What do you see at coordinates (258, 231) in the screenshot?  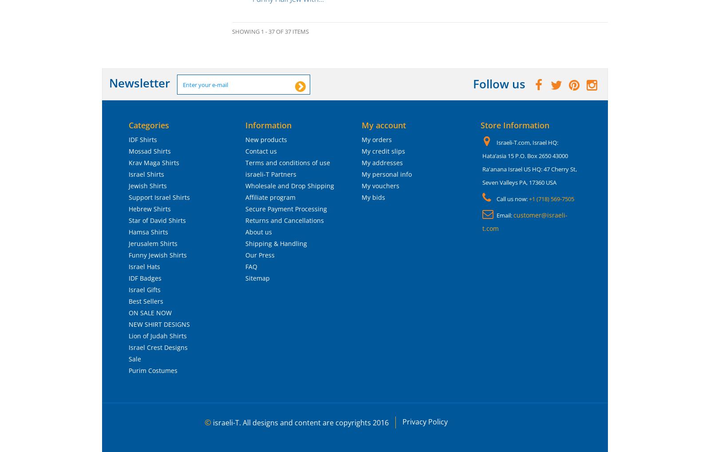 I see `'About us'` at bounding box center [258, 231].